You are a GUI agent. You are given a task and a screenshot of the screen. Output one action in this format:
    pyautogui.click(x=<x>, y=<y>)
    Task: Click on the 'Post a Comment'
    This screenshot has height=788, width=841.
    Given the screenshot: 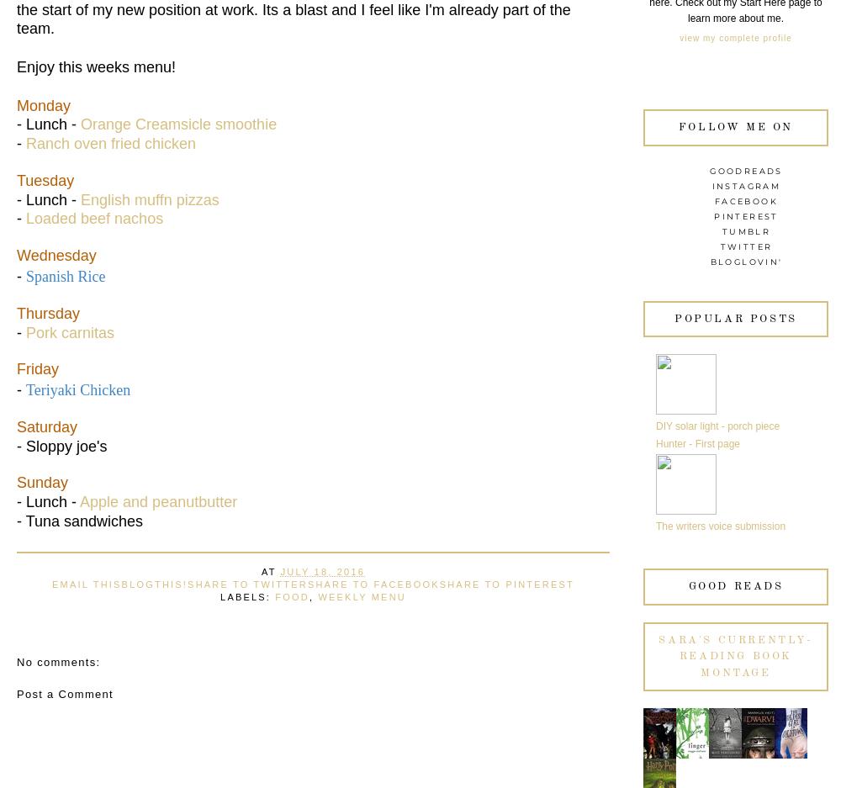 What is the action you would take?
    pyautogui.click(x=64, y=692)
    